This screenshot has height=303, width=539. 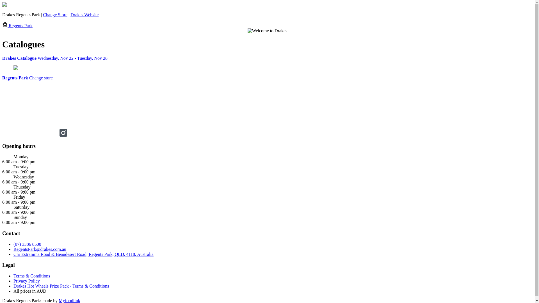 I want to click on 'Terms & Conditions', so click(x=31, y=276).